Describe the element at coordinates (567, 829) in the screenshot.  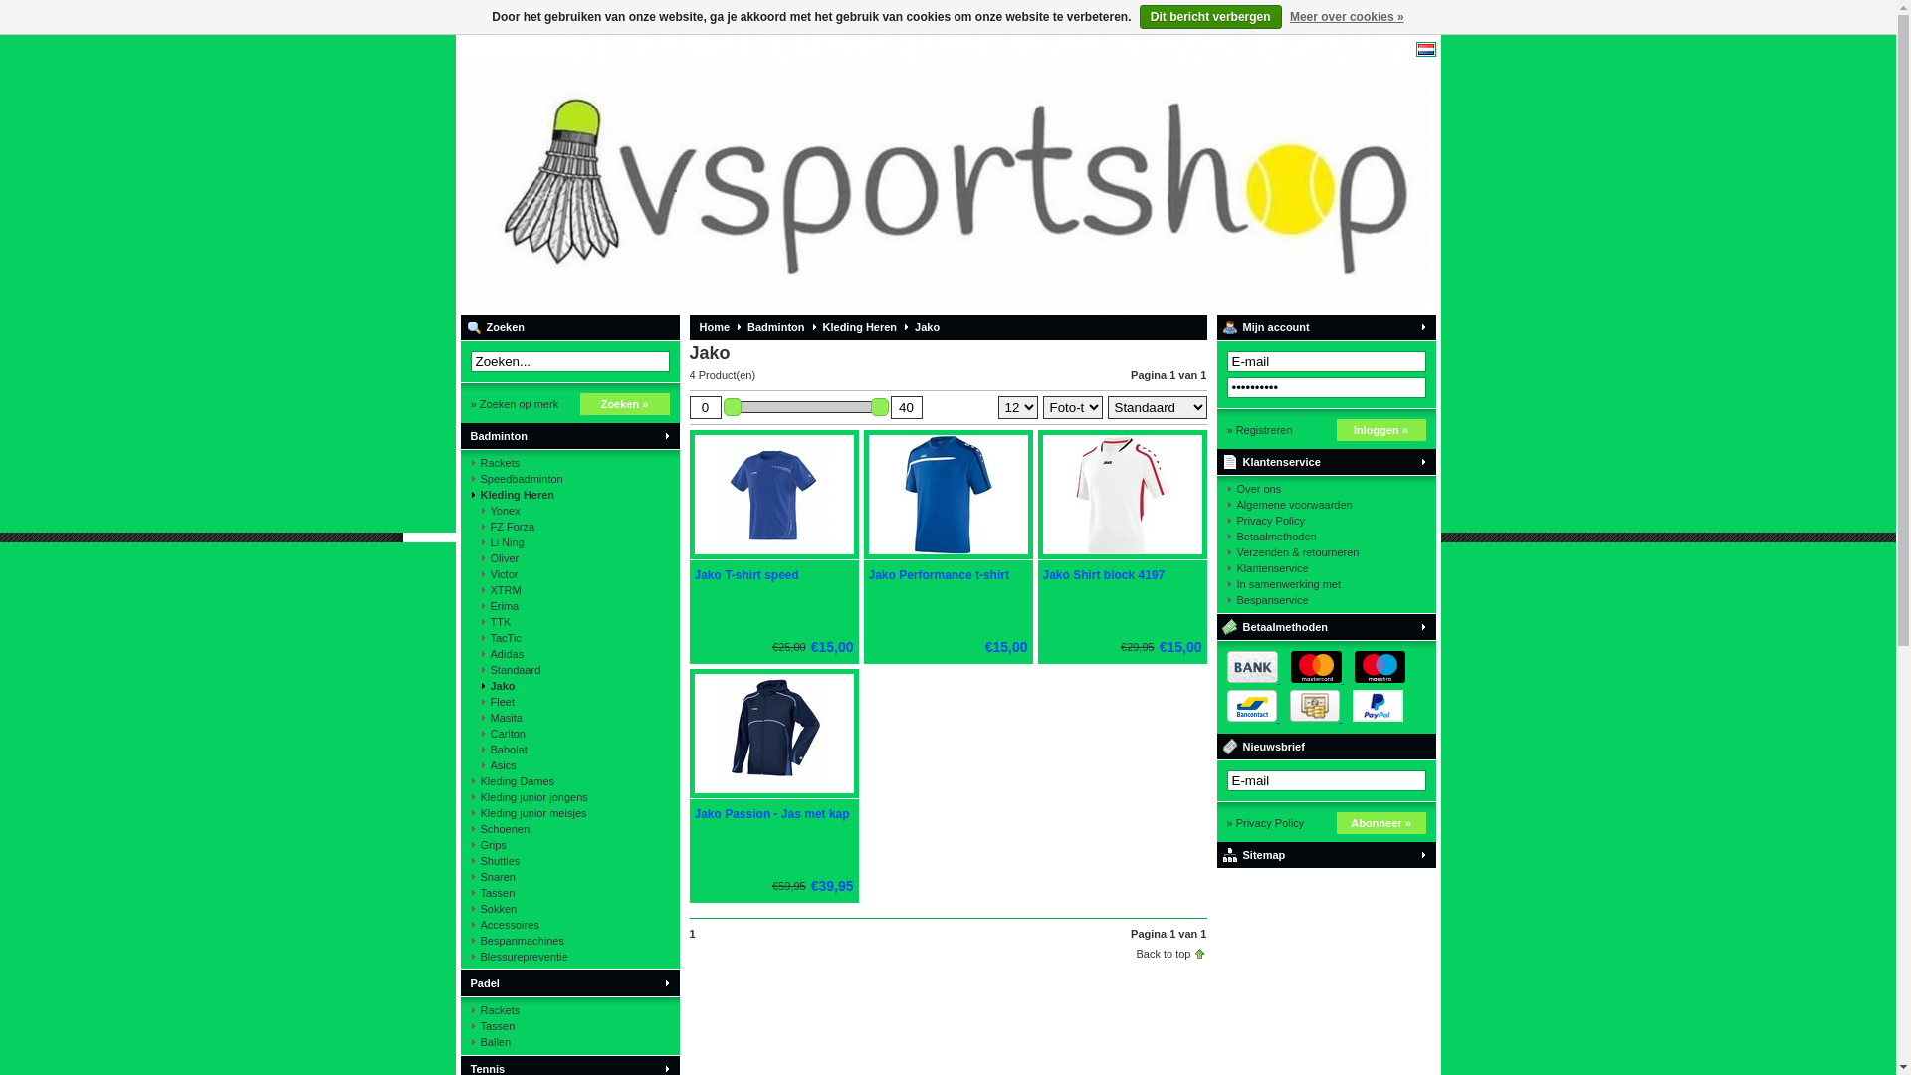
I see `'Schoenen'` at that location.